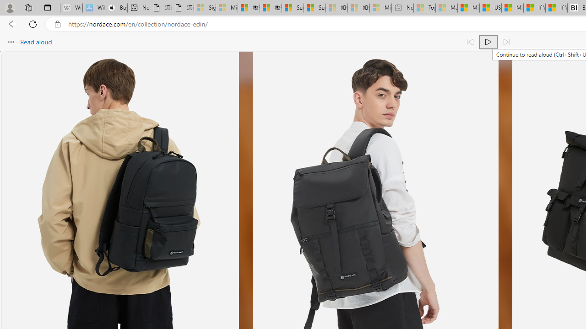 The height and width of the screenshot is (329, 586). What do you see at coordinates (505, 42) in the screenshot?
I see `'Read next paragraph'` at bounding box center [505, 42].